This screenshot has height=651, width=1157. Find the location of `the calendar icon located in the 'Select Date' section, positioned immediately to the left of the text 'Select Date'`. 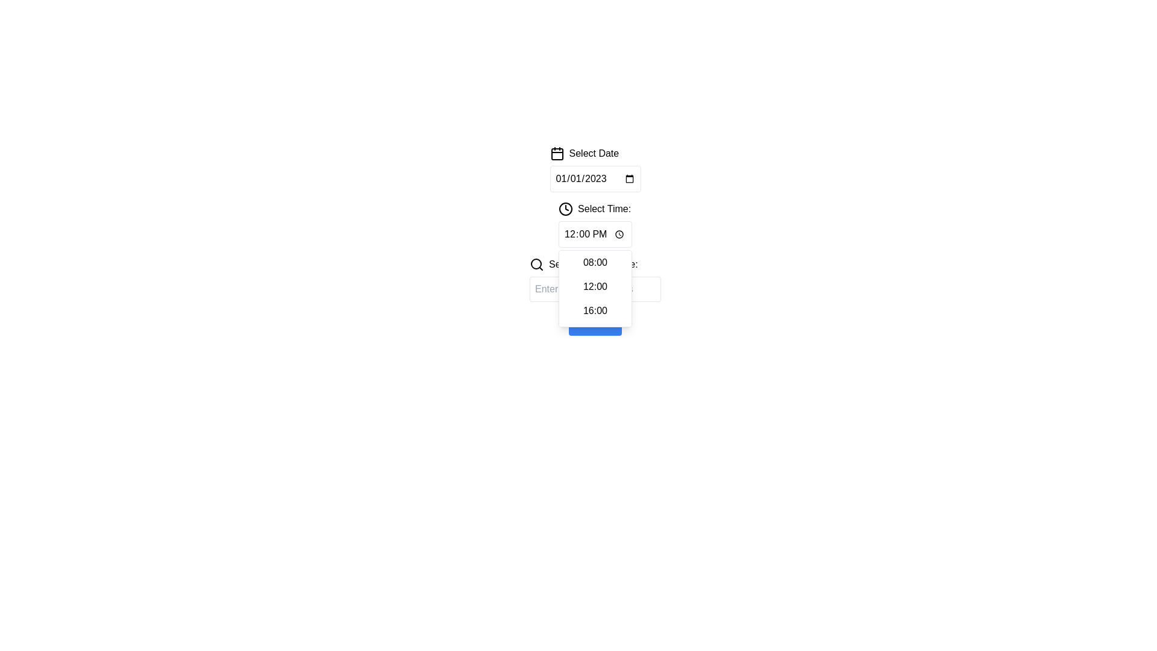

the calendar icon located in the 'Select Date' section, positioned immediately to the left of the text 'Select Date' is located at coordinates (556, 153).